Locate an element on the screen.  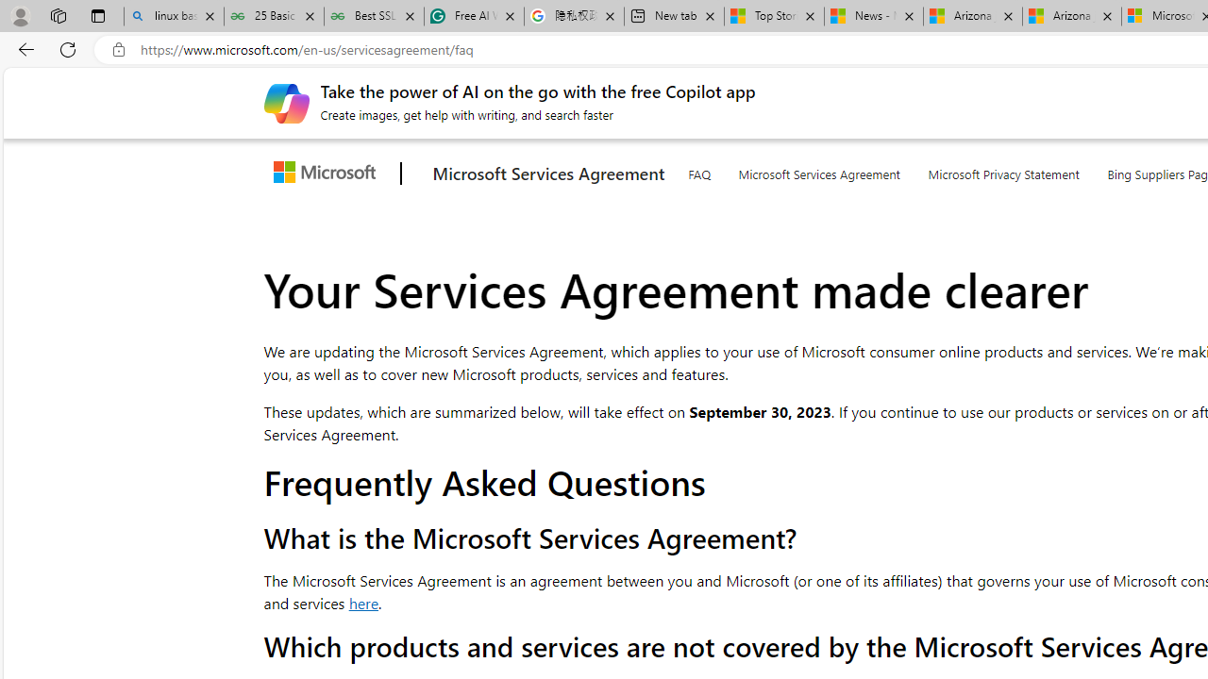
'Microsoft Privacy Statement' is located at coordinates (1002, 171).